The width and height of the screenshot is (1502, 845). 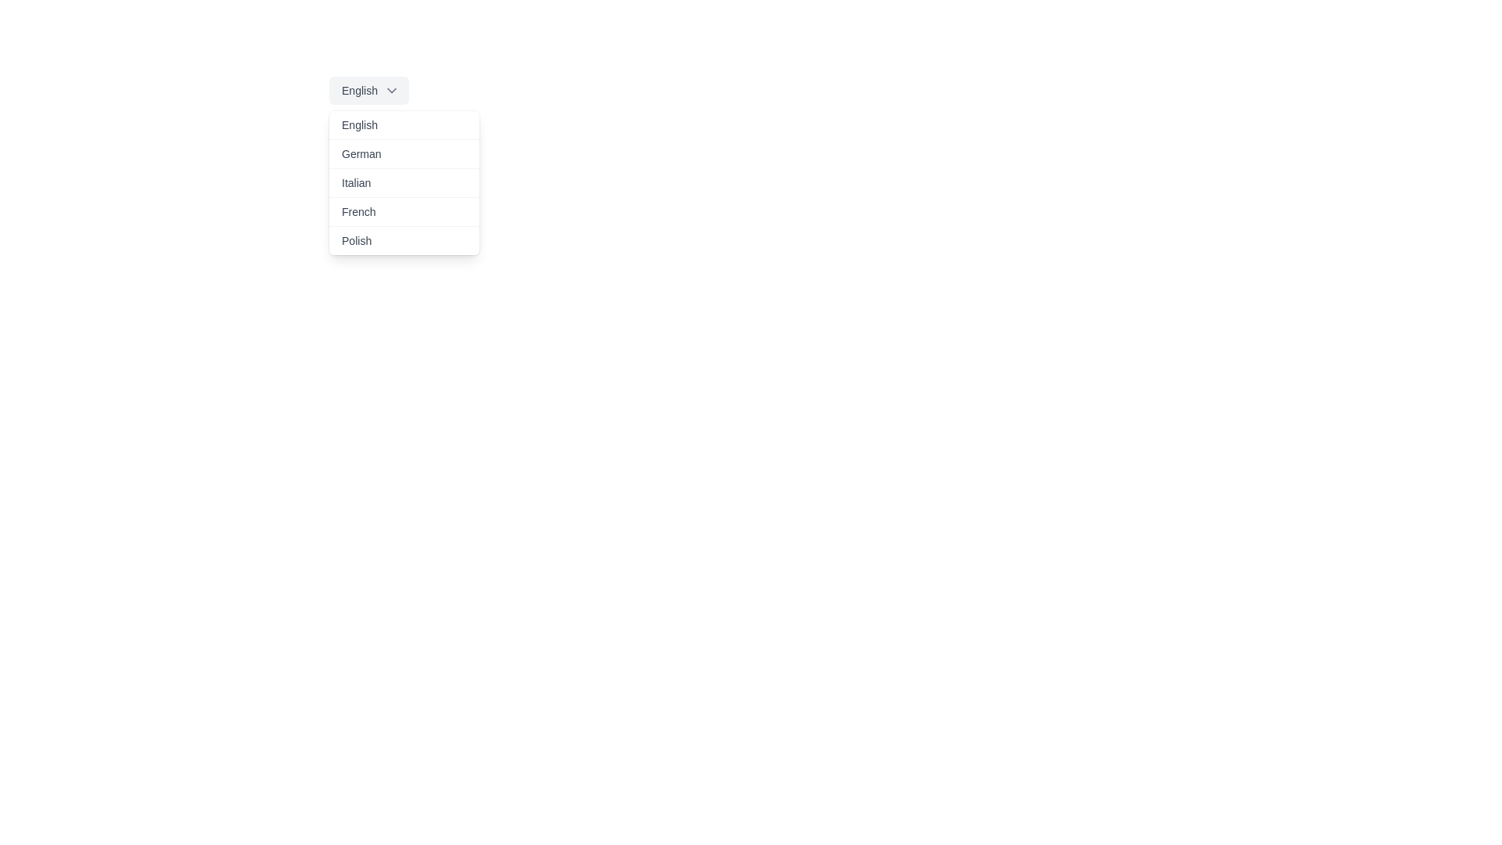 What do you see at coordinates (359, 90) in the screenshot?
I see `text of the 'English' label in the dropdown selector, which is styled in medium-gray over a light-gray background and positioned left of a chevron-down icon` at bounding box center [359, 90].